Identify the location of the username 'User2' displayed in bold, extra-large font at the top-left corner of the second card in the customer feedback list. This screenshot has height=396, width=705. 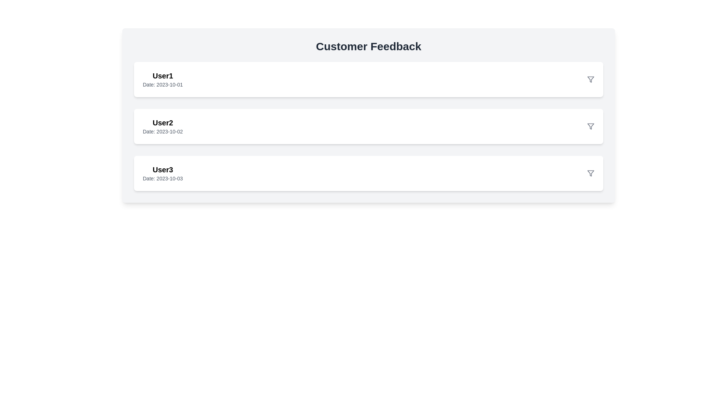
(162, 122).